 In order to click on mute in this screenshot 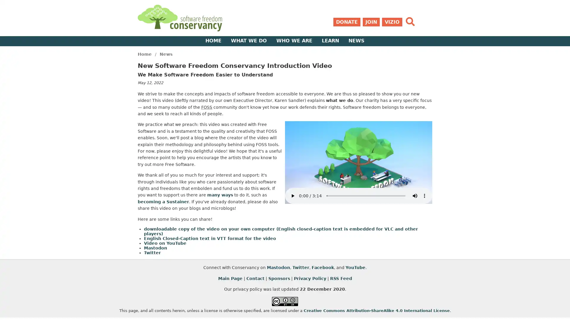, I will do `click(414, 196)`.